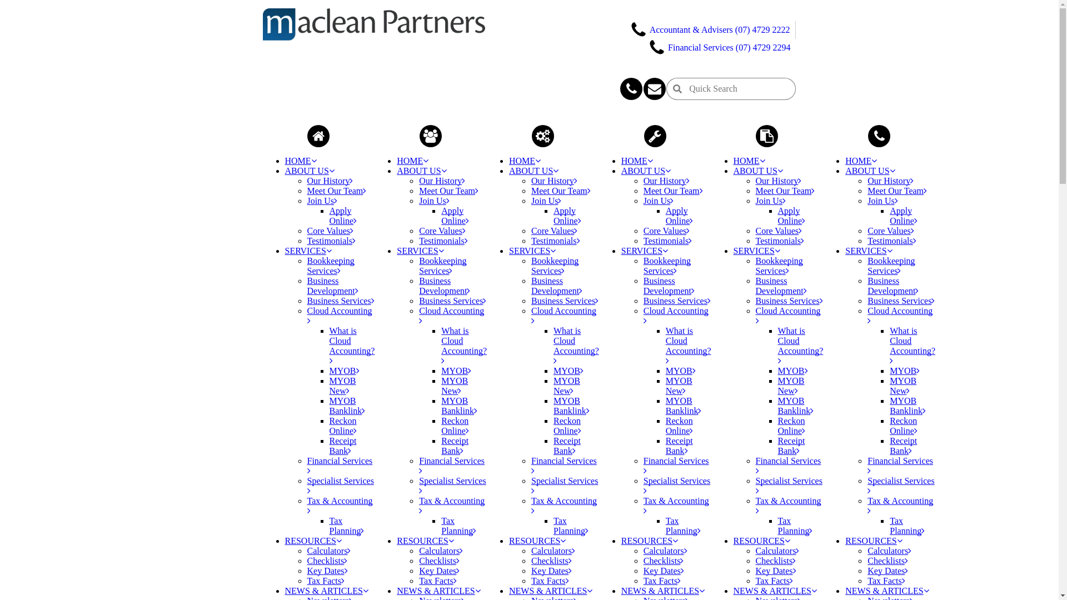 The height and width of the screenshot is (600, 1067). I want to click on 'Business Development', so click(418, 285).